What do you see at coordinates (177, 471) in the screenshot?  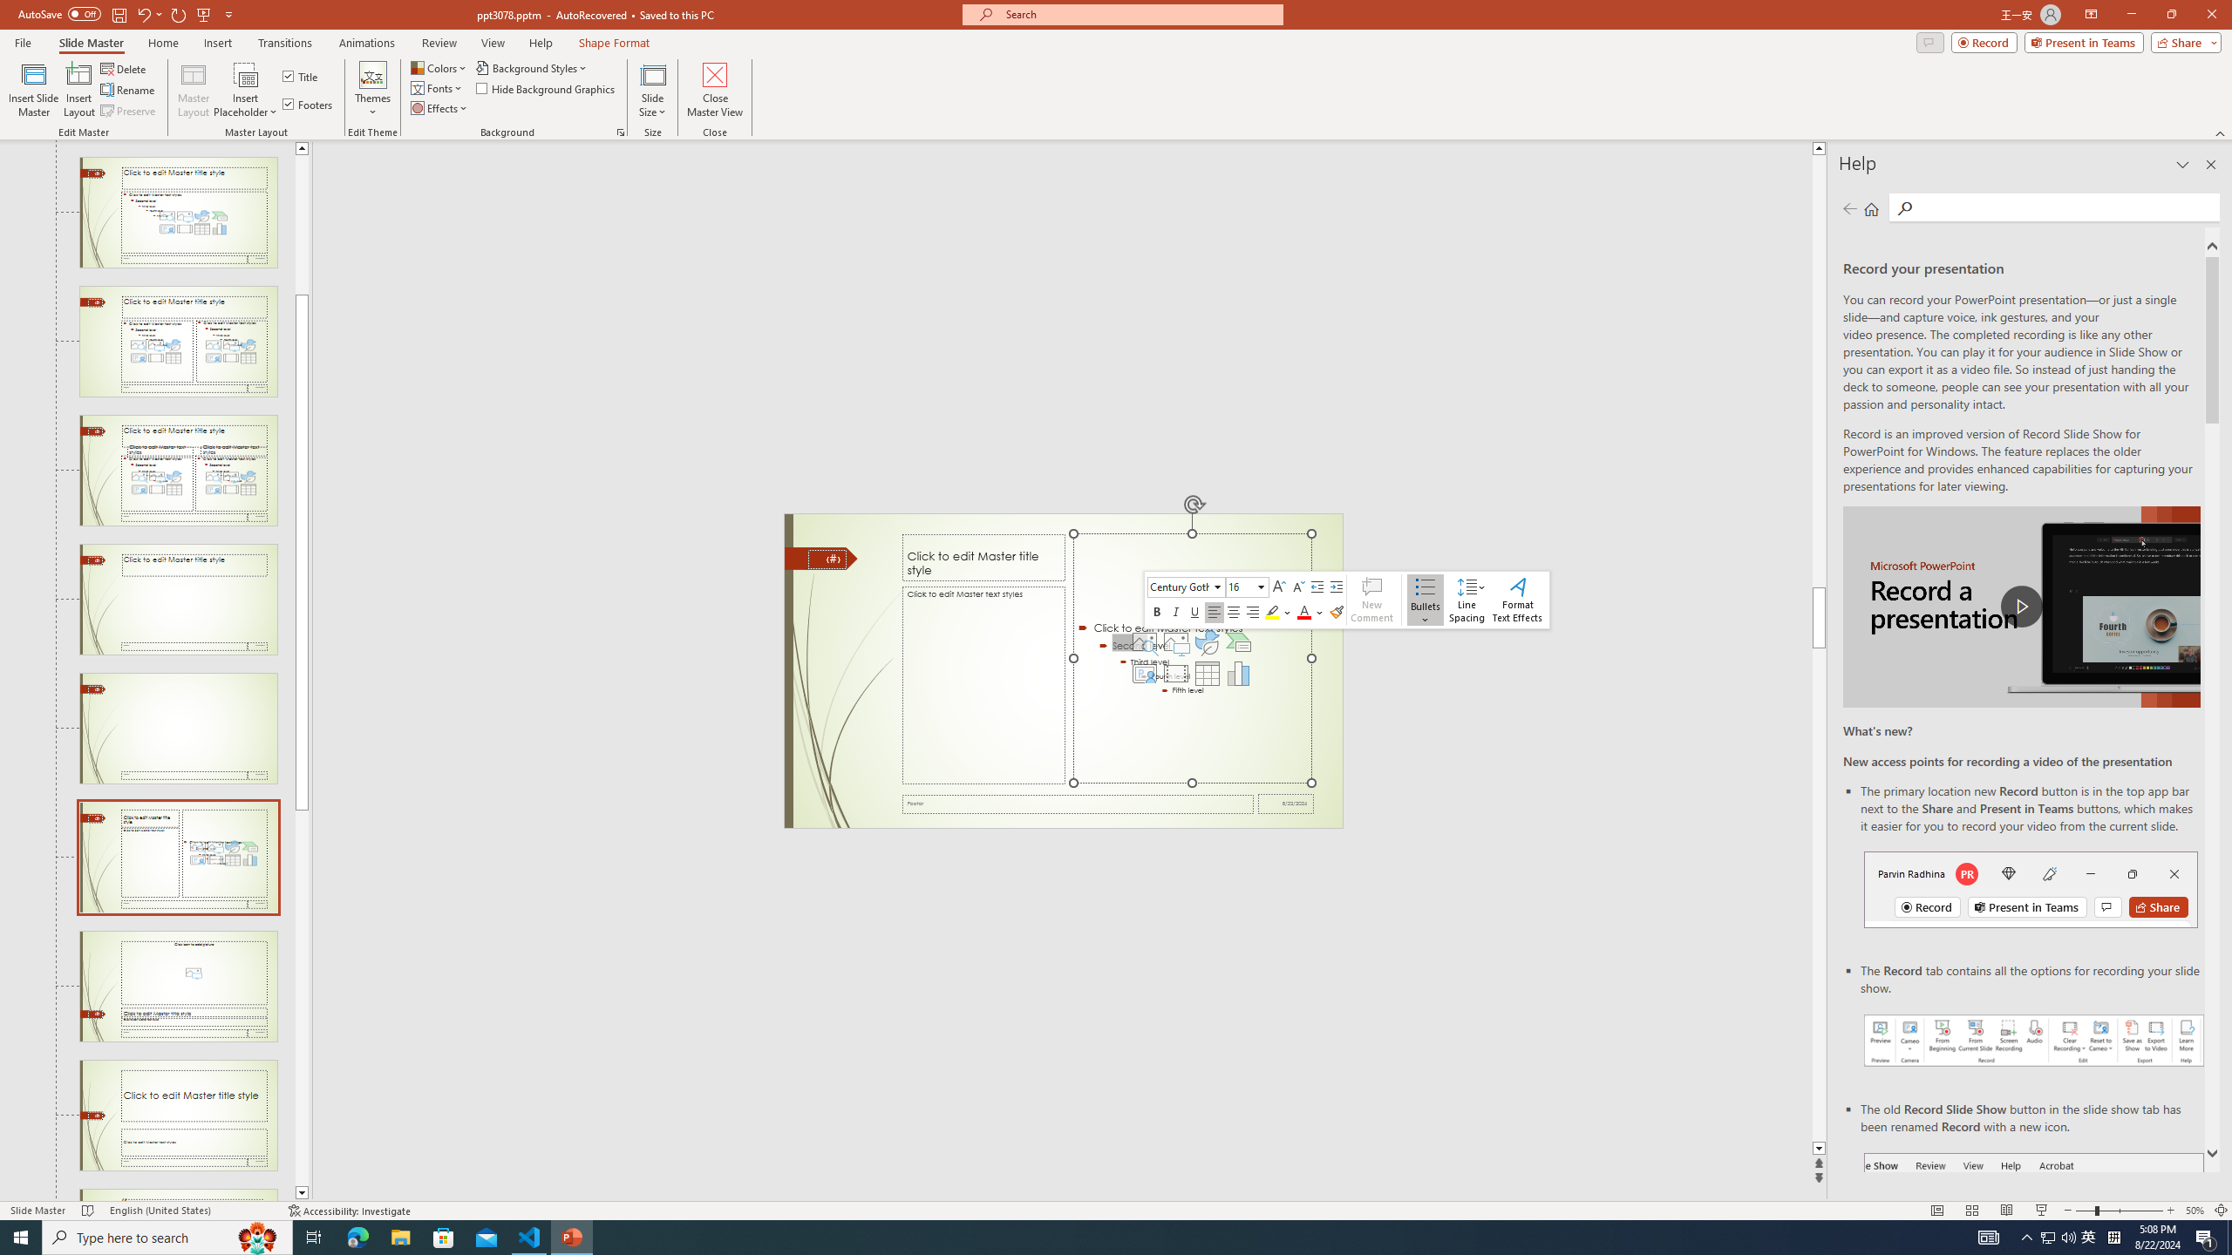 I see `'Slide Comparison Layout: used by no slides'` at bounding box center [177, 471].